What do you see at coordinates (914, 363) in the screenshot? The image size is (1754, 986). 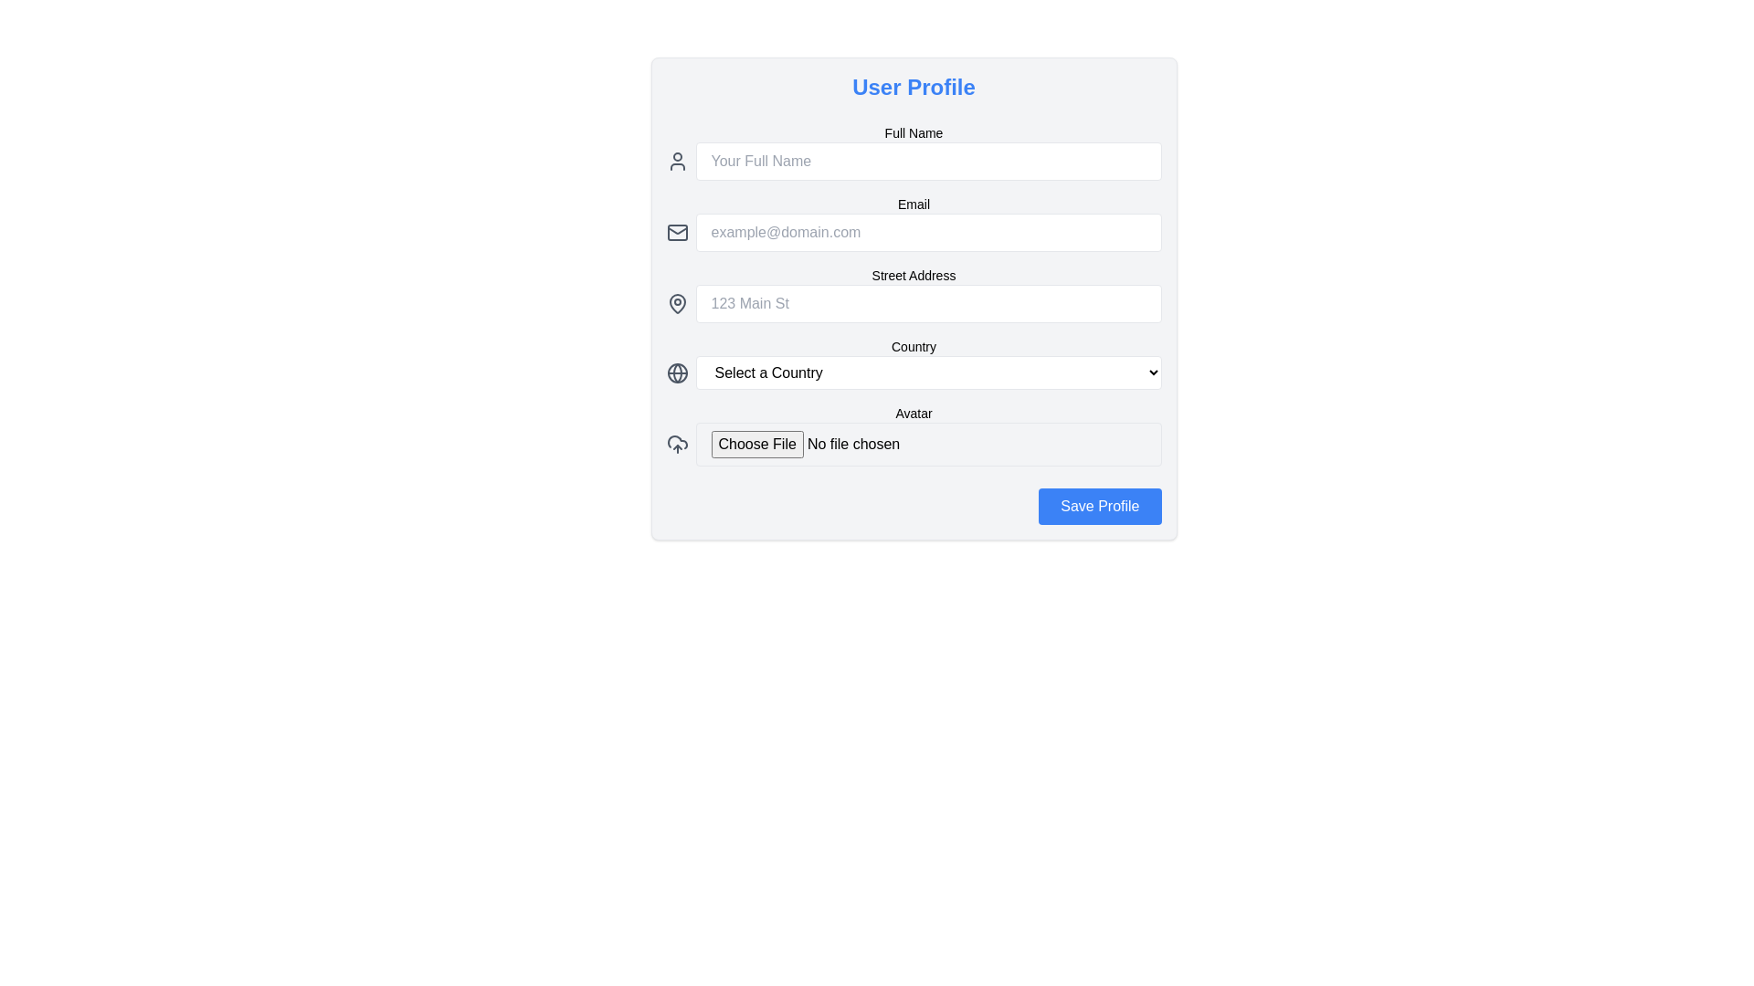 I see `an option from the 'Country' dropdown menu, which is styled in white with a bordered rectangular frame and is the fourth input field in the form` at bounding box center [914, 363].